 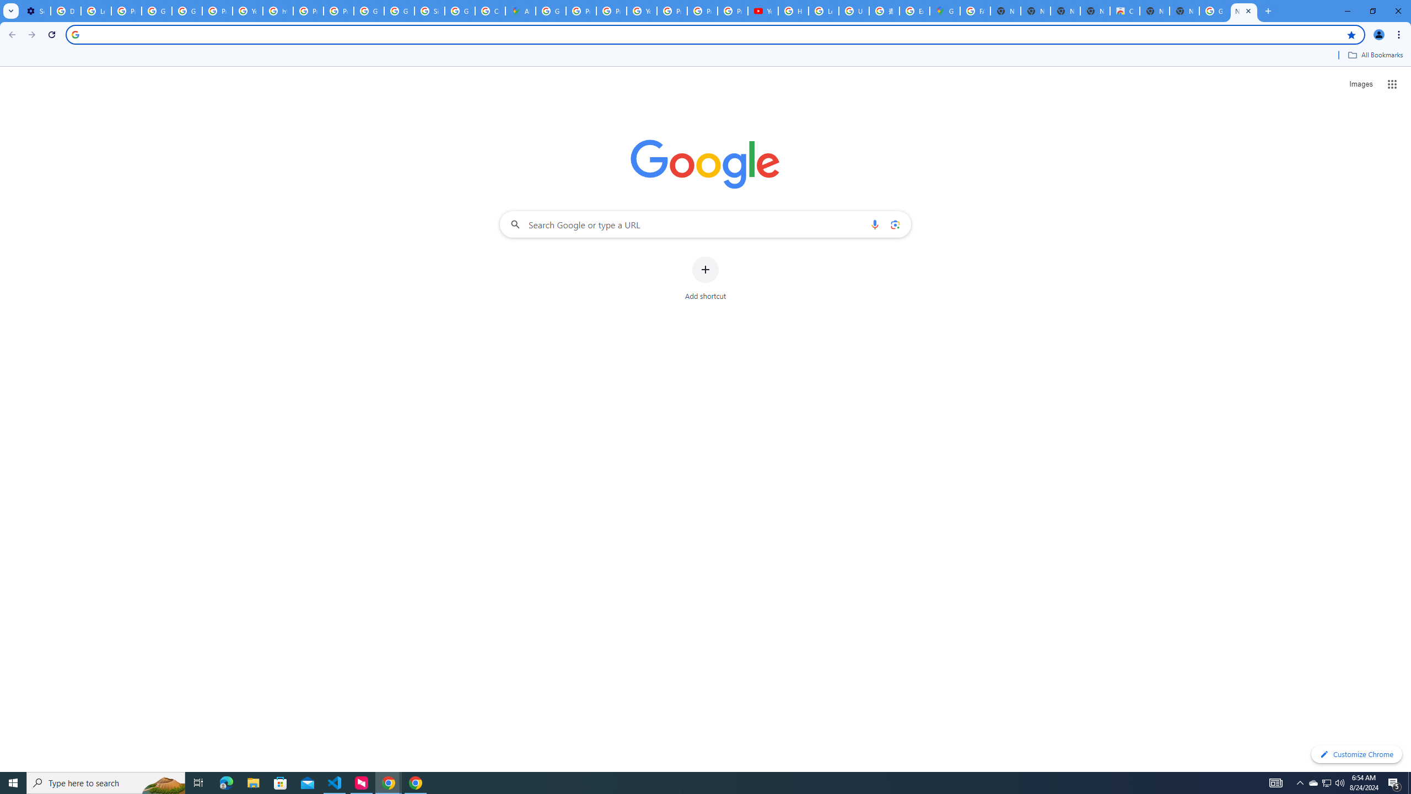 What do you see at coordinates (489, 10) in the screenshot?
I see `'Create your Google Account'` at bounding box center [489, 10].